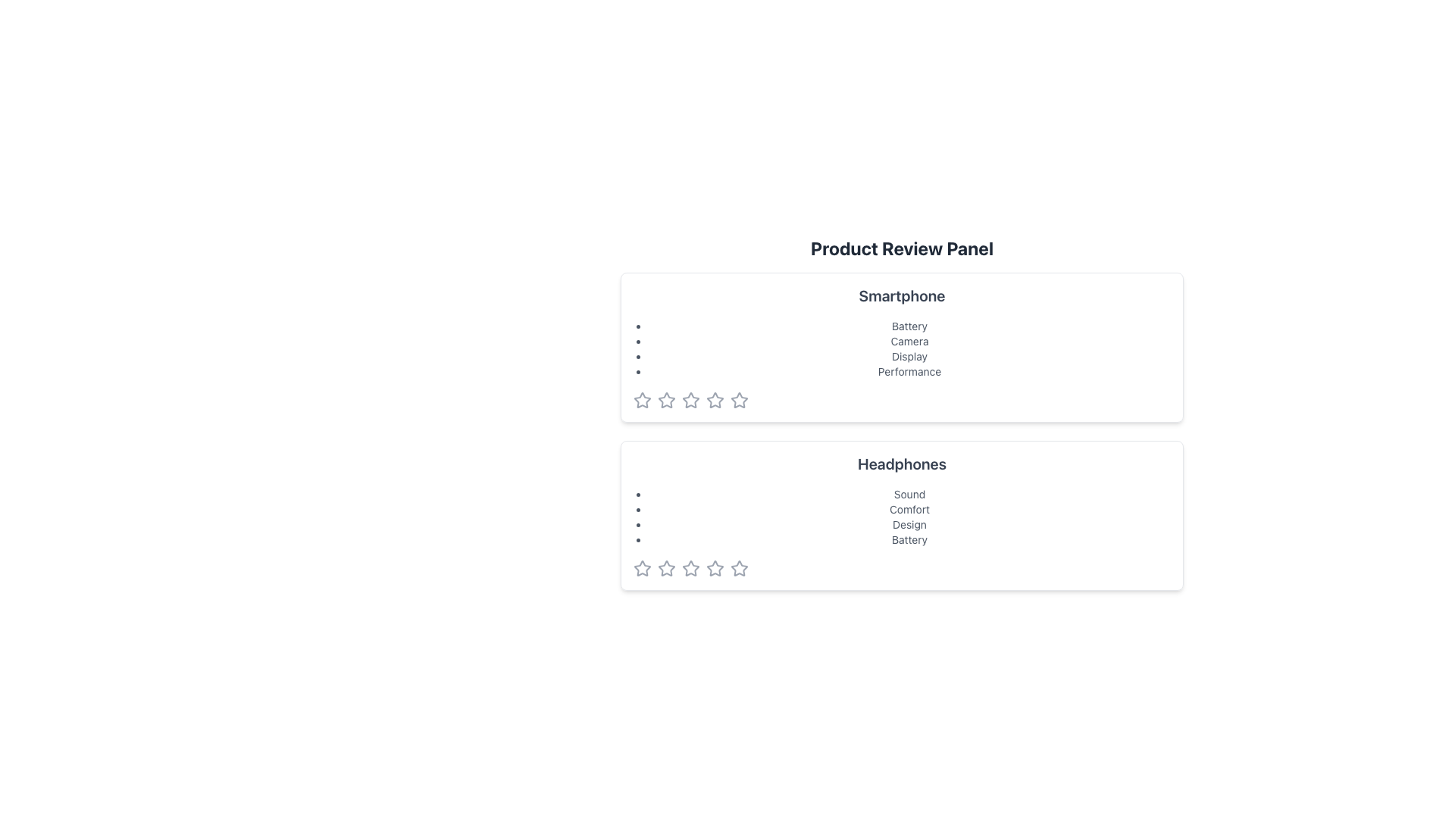 This screenshot has width=1455, height=818. Describe the element at coordinates (909, 371) in the screenshot. I see `the fourth item in the vertical bulleted list under the 'Smartphone' section, which is a Text Label representing a specific aspect or feature of the Smartphone category` at that location.